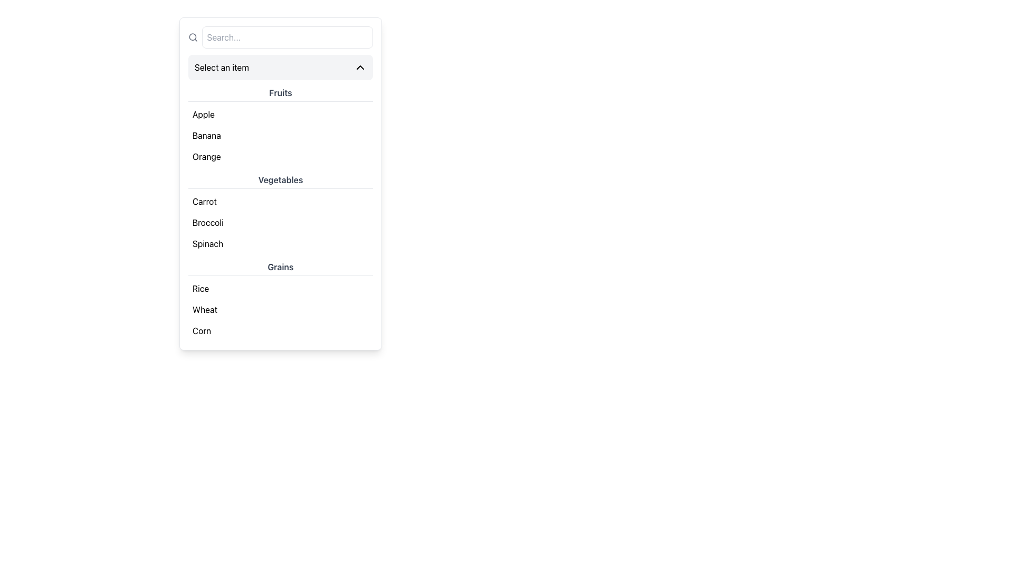 This screenshot has width=1013, height=570. I want to click on the 'Corn' option, which is the third item under the 'Grains' category in the list, so click(281, 330).